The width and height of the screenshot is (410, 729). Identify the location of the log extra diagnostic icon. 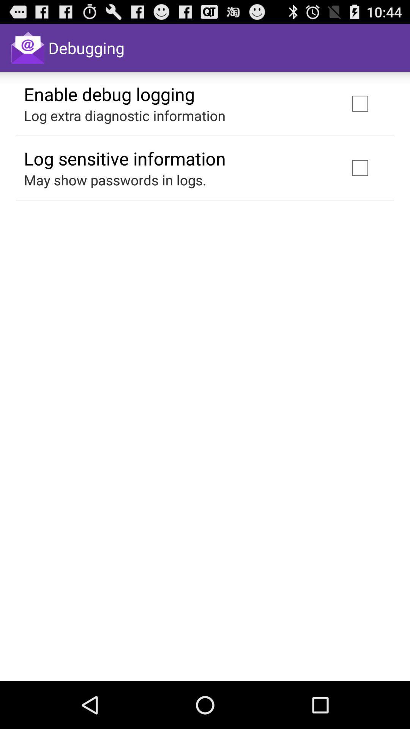
(124, 115).